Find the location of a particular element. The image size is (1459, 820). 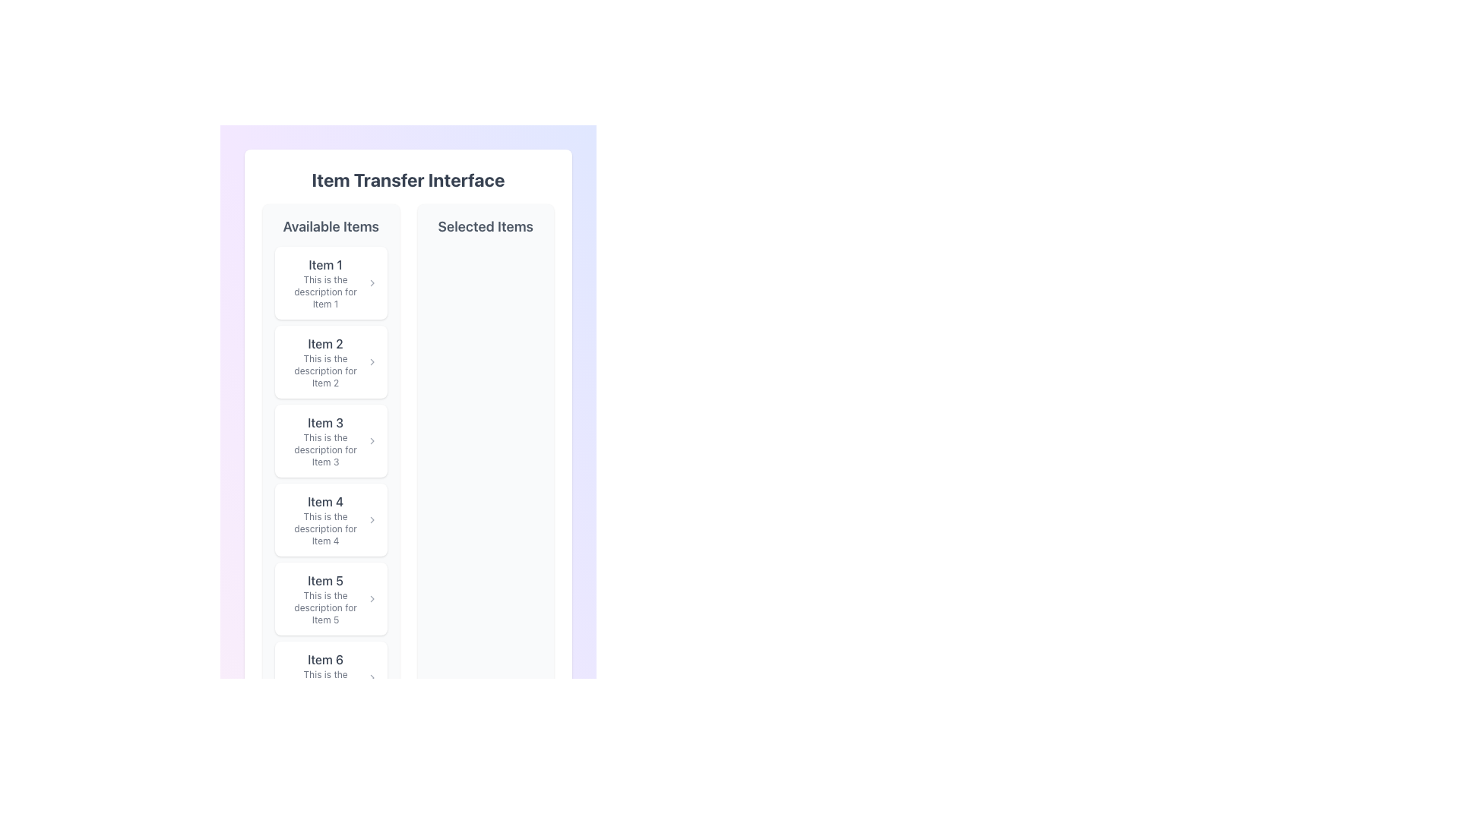

the text component titled 'Item 1' which includes a heading and a description in the 'Available Items' section of the top-left panel is located at coordinates (324, 283).